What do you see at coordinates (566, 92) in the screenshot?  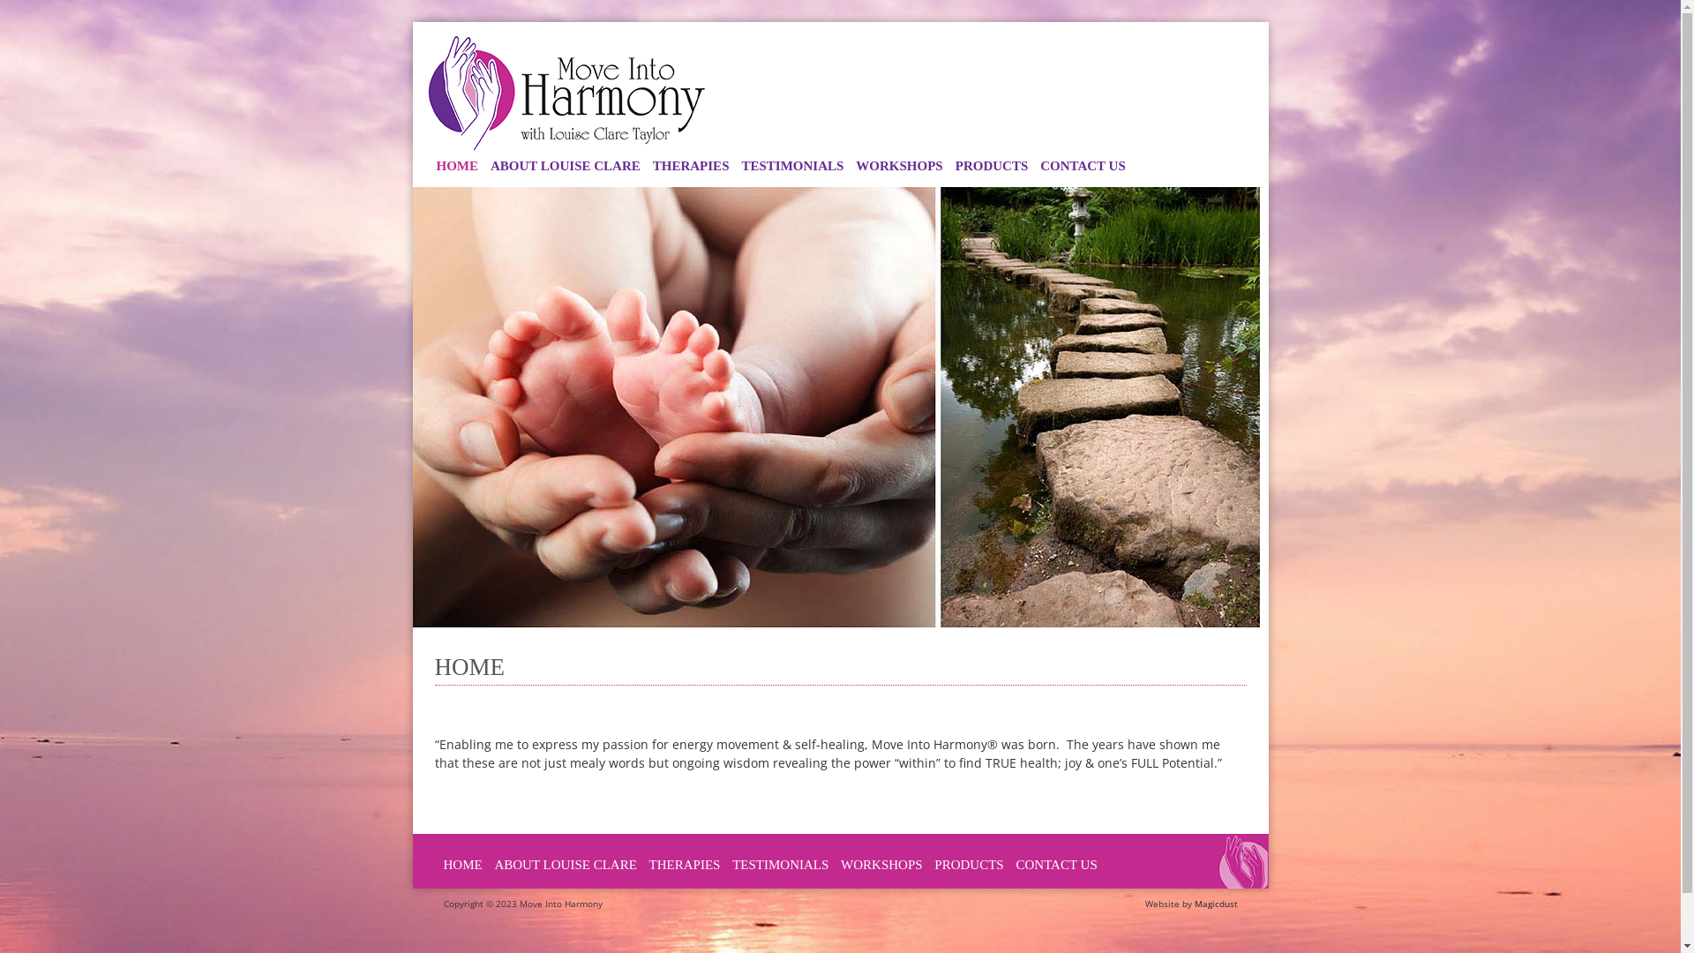 I see `'MOVE INTO HARMONY'` at bounding box center [566, 92].